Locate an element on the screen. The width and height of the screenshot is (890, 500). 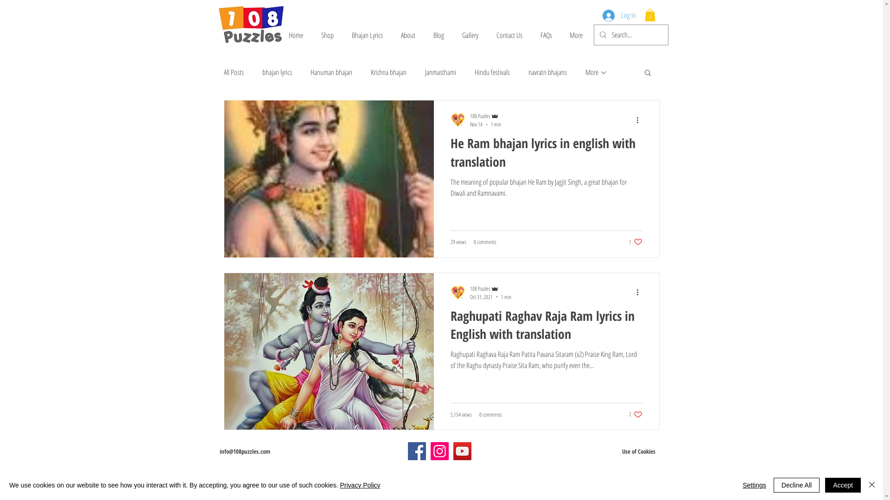
'1 like. Post not marked as liked is located at coordinates (635, 241).